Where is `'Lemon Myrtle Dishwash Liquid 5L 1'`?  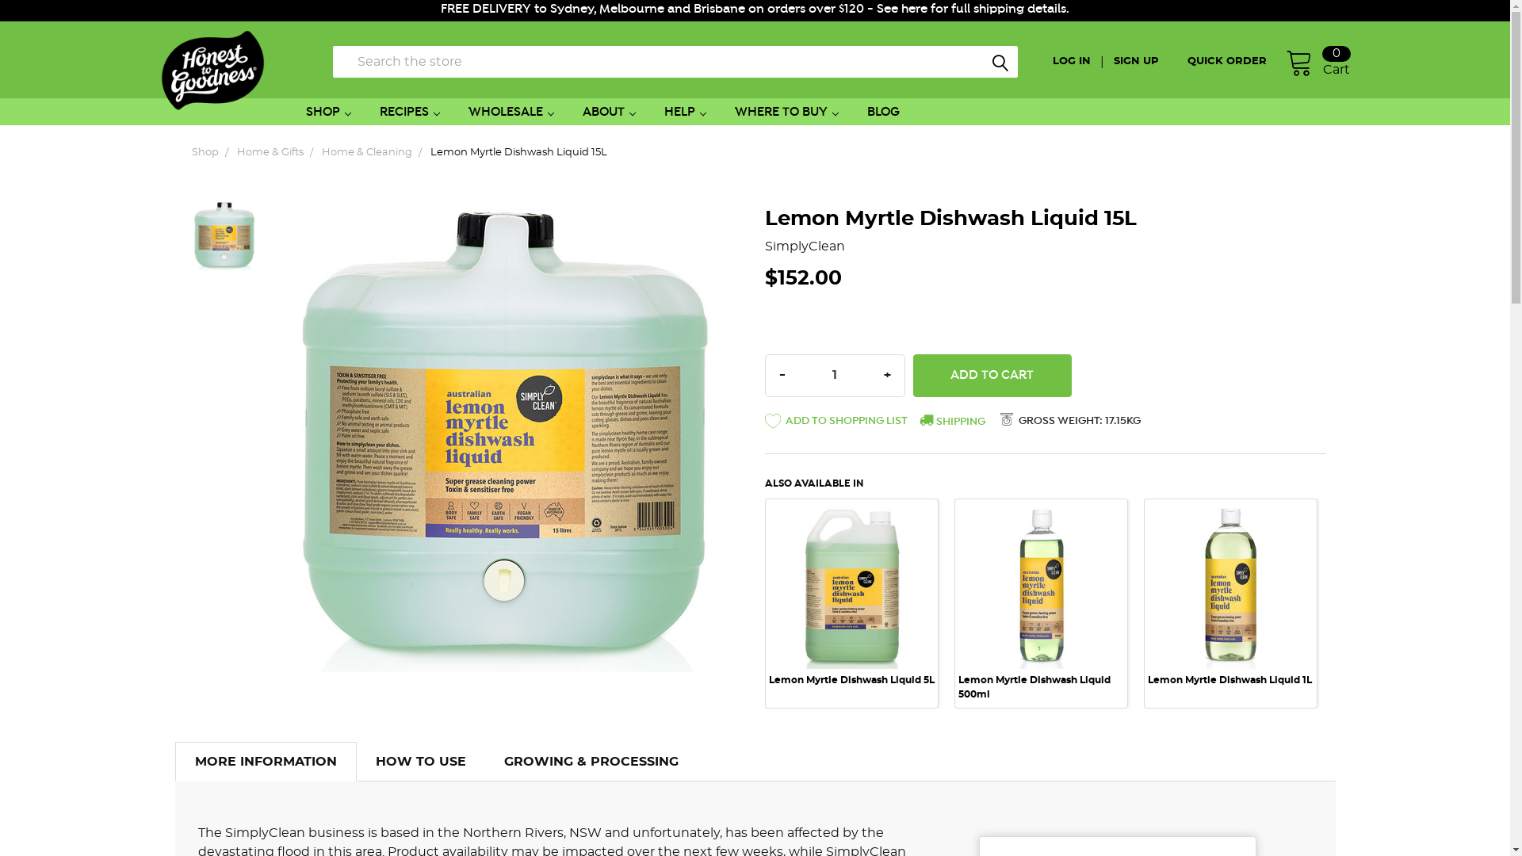
'Lemon Myrtle Dishwash Liquid 5L 1' is located at coordinates (851, 586).